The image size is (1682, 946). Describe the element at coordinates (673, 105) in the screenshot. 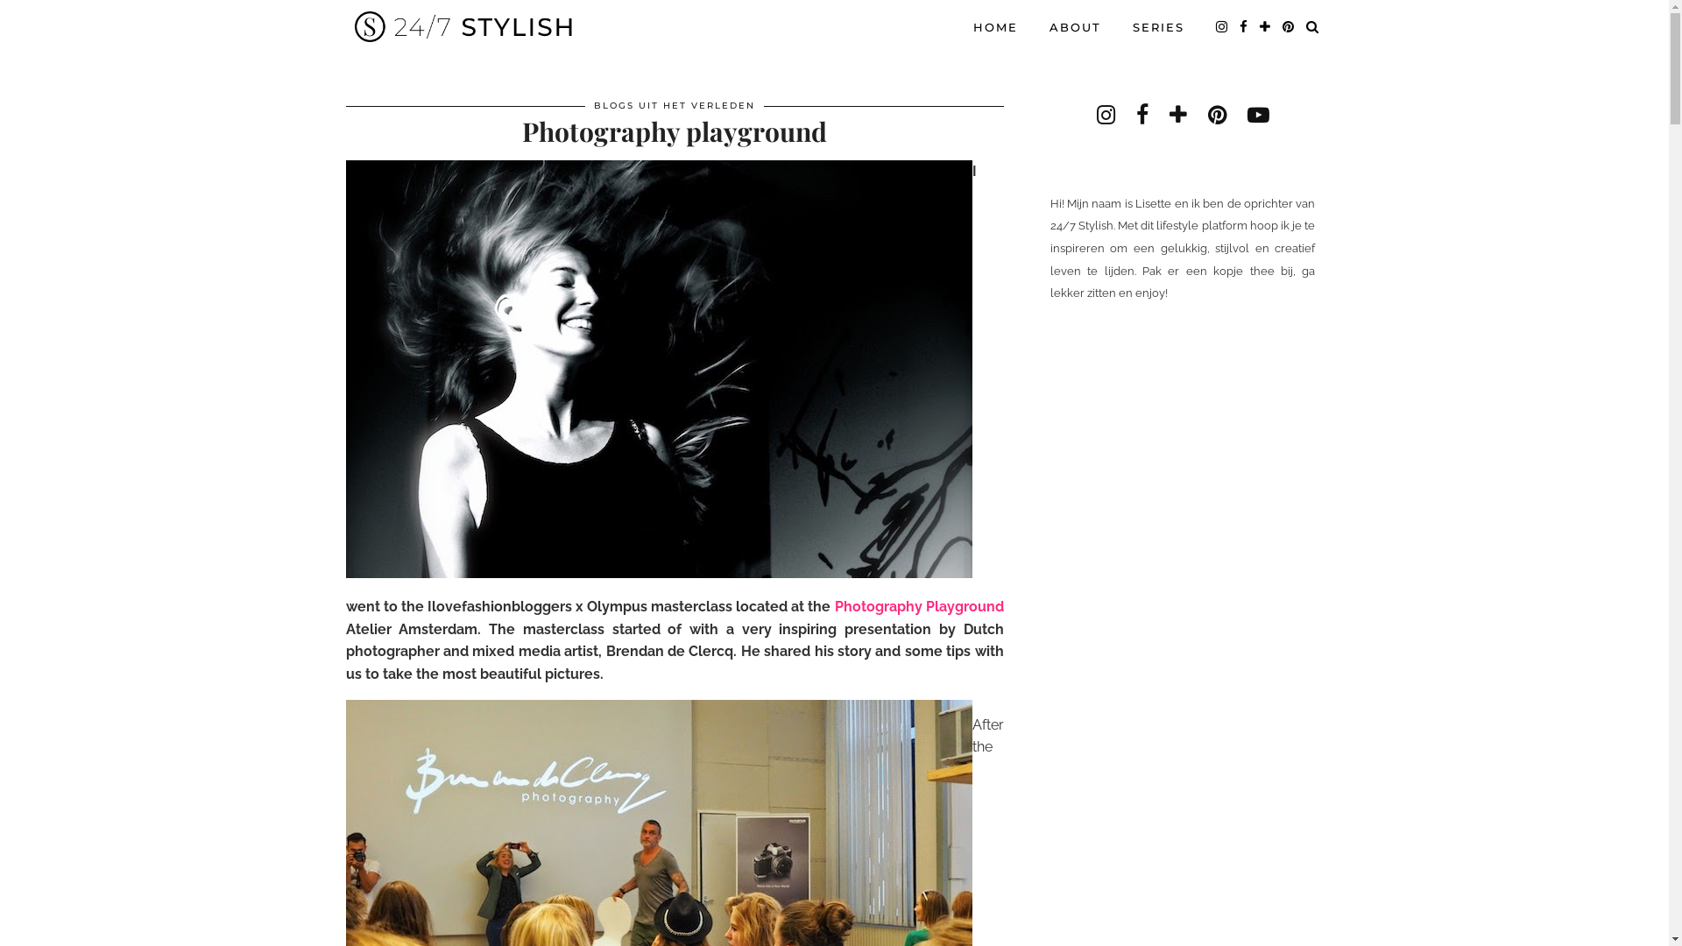

I see `'BLOGS UIT HET VERLEDEN'` at that location.